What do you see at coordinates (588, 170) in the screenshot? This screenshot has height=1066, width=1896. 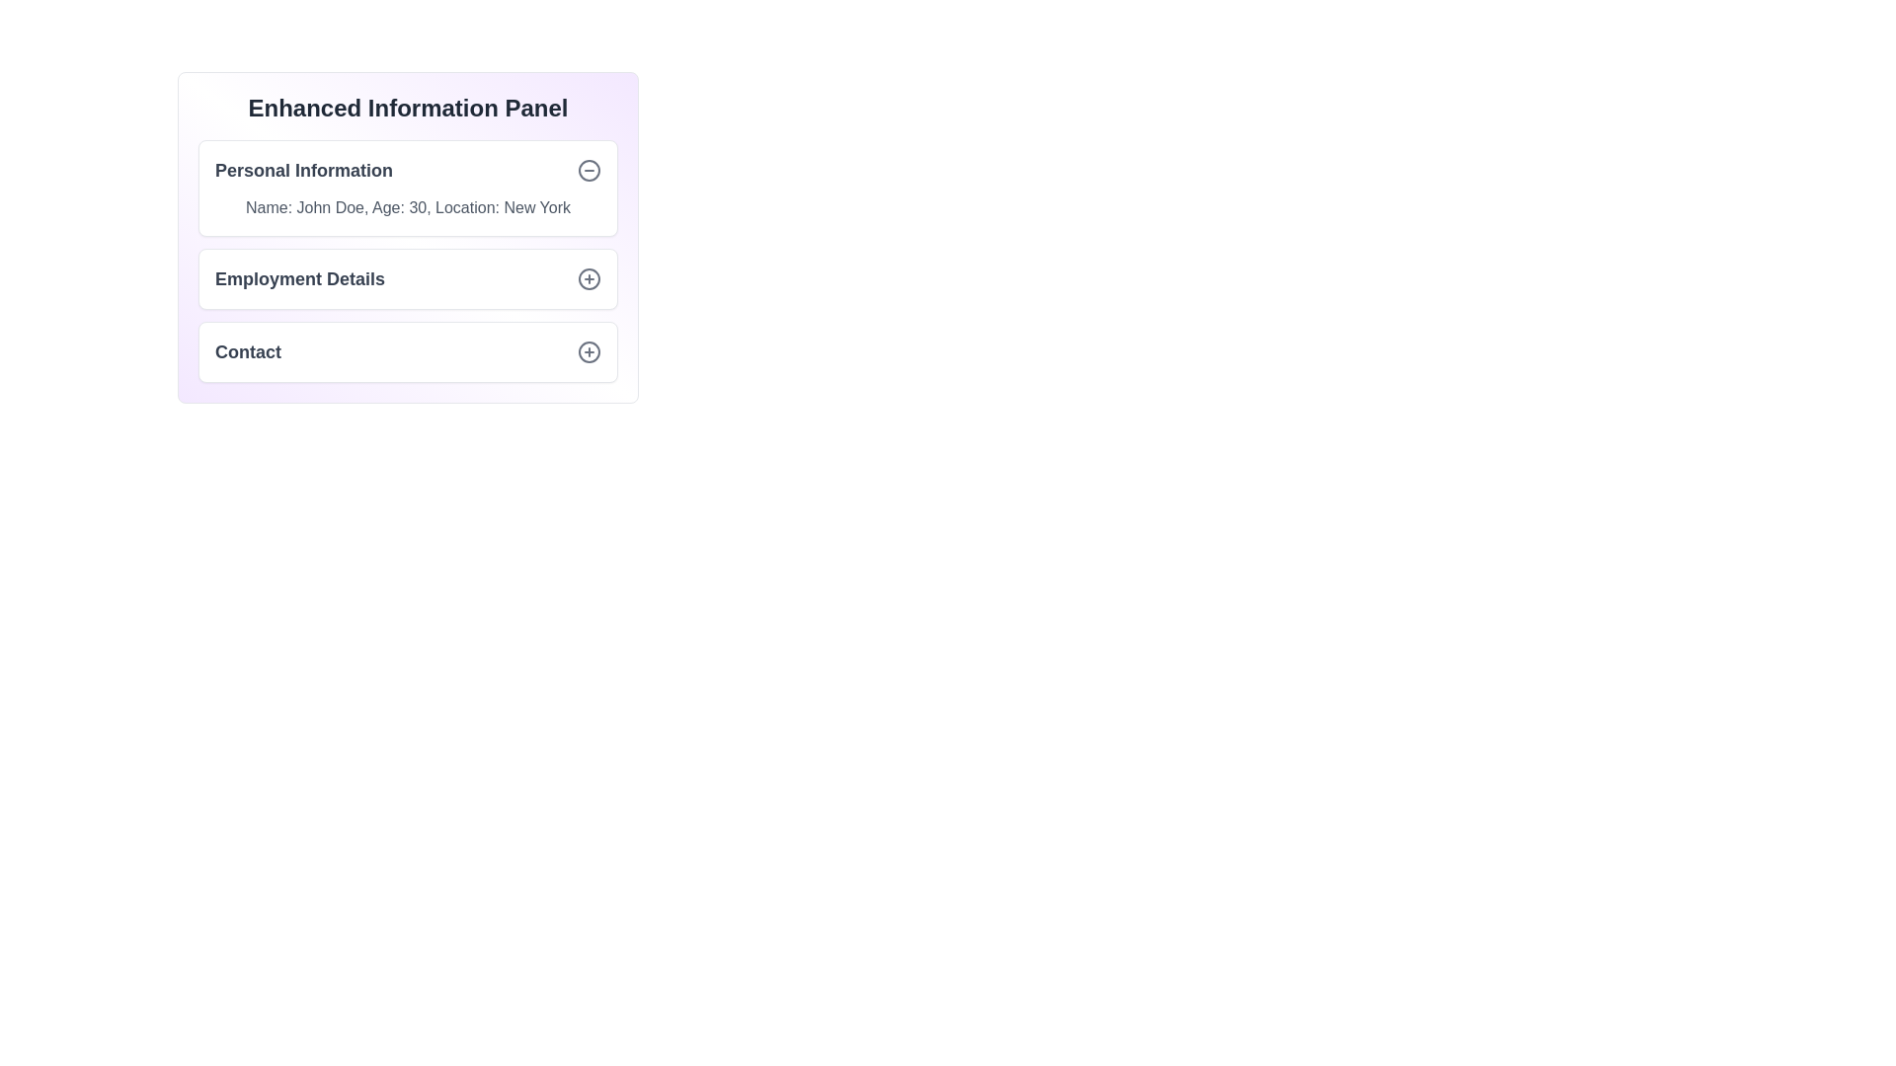 I see `the minus icon button located to the right of the 'Personal Information' header in the 'Enhanced Information Panel'` at bounding box center [588, 170].